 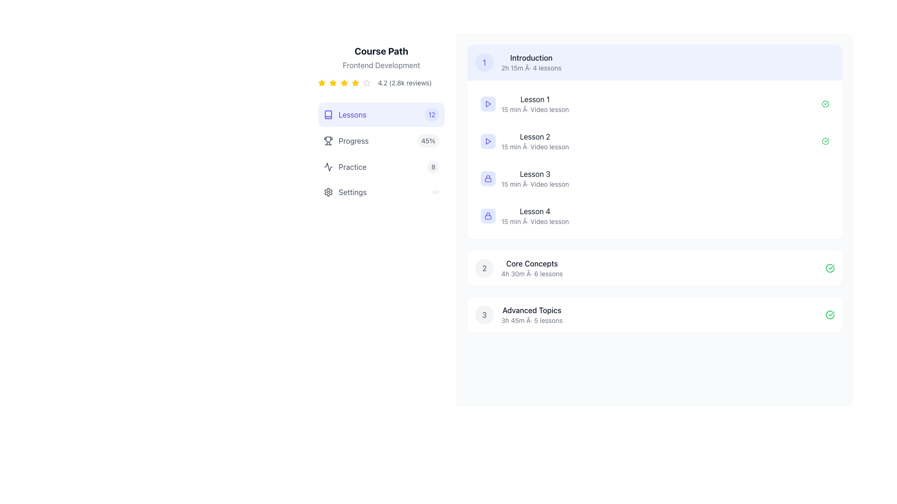 I want to click on the list item titled 'Advanced Topics', so click(x=518, y=315).